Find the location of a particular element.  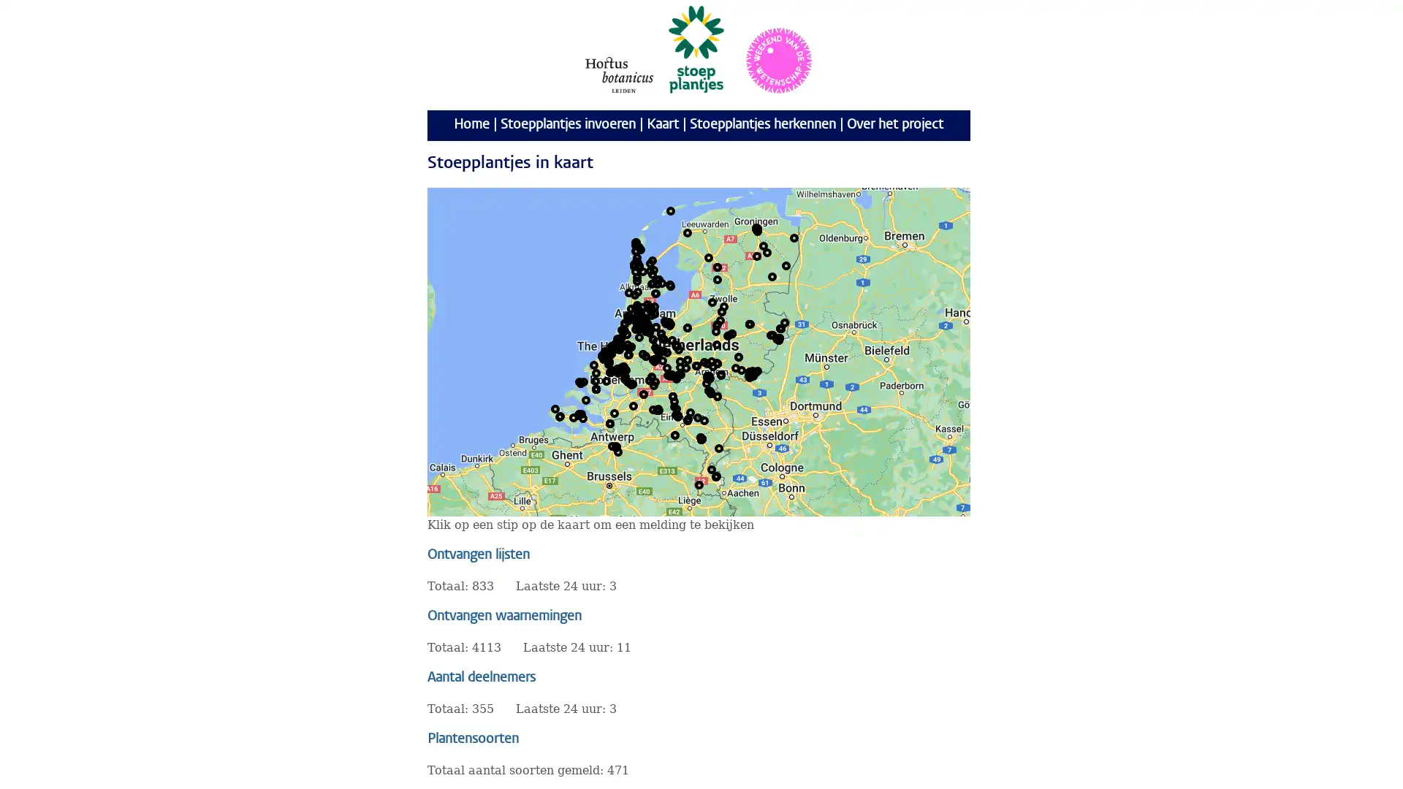

Telling van R.W.Janzen op 03 april 2022 is located at coordinates (655, 360).